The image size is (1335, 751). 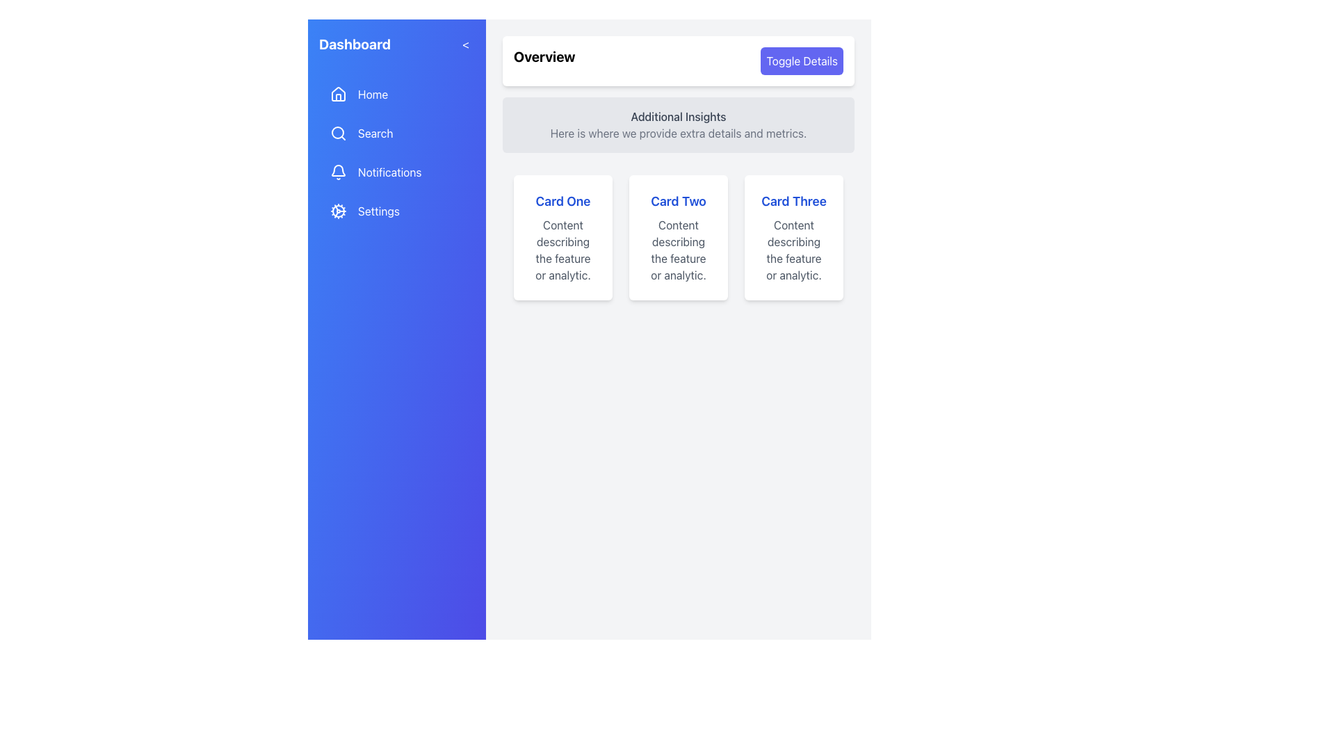 I want to click on the magnifying glass icon representing the 'search' function, located in the vertical navigation menu on the left side of the interface, so click(x=338, y=134).